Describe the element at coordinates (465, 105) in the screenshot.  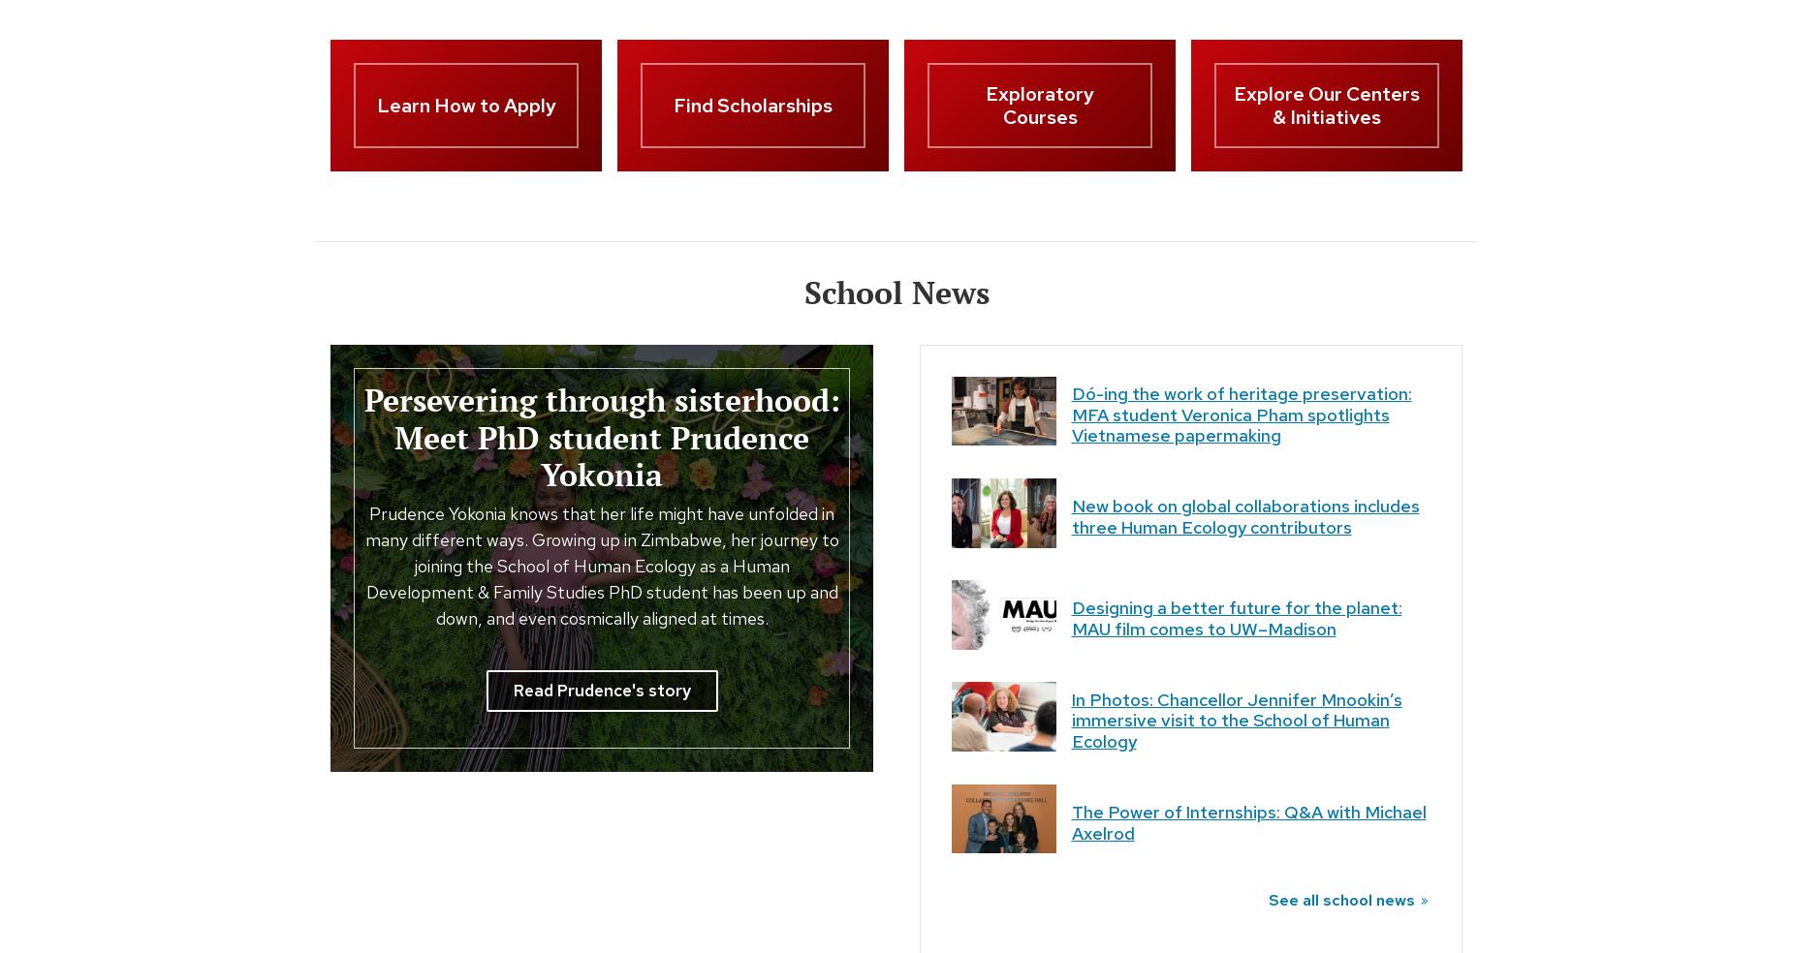
I see `'Learn How to Apply'` at that location.